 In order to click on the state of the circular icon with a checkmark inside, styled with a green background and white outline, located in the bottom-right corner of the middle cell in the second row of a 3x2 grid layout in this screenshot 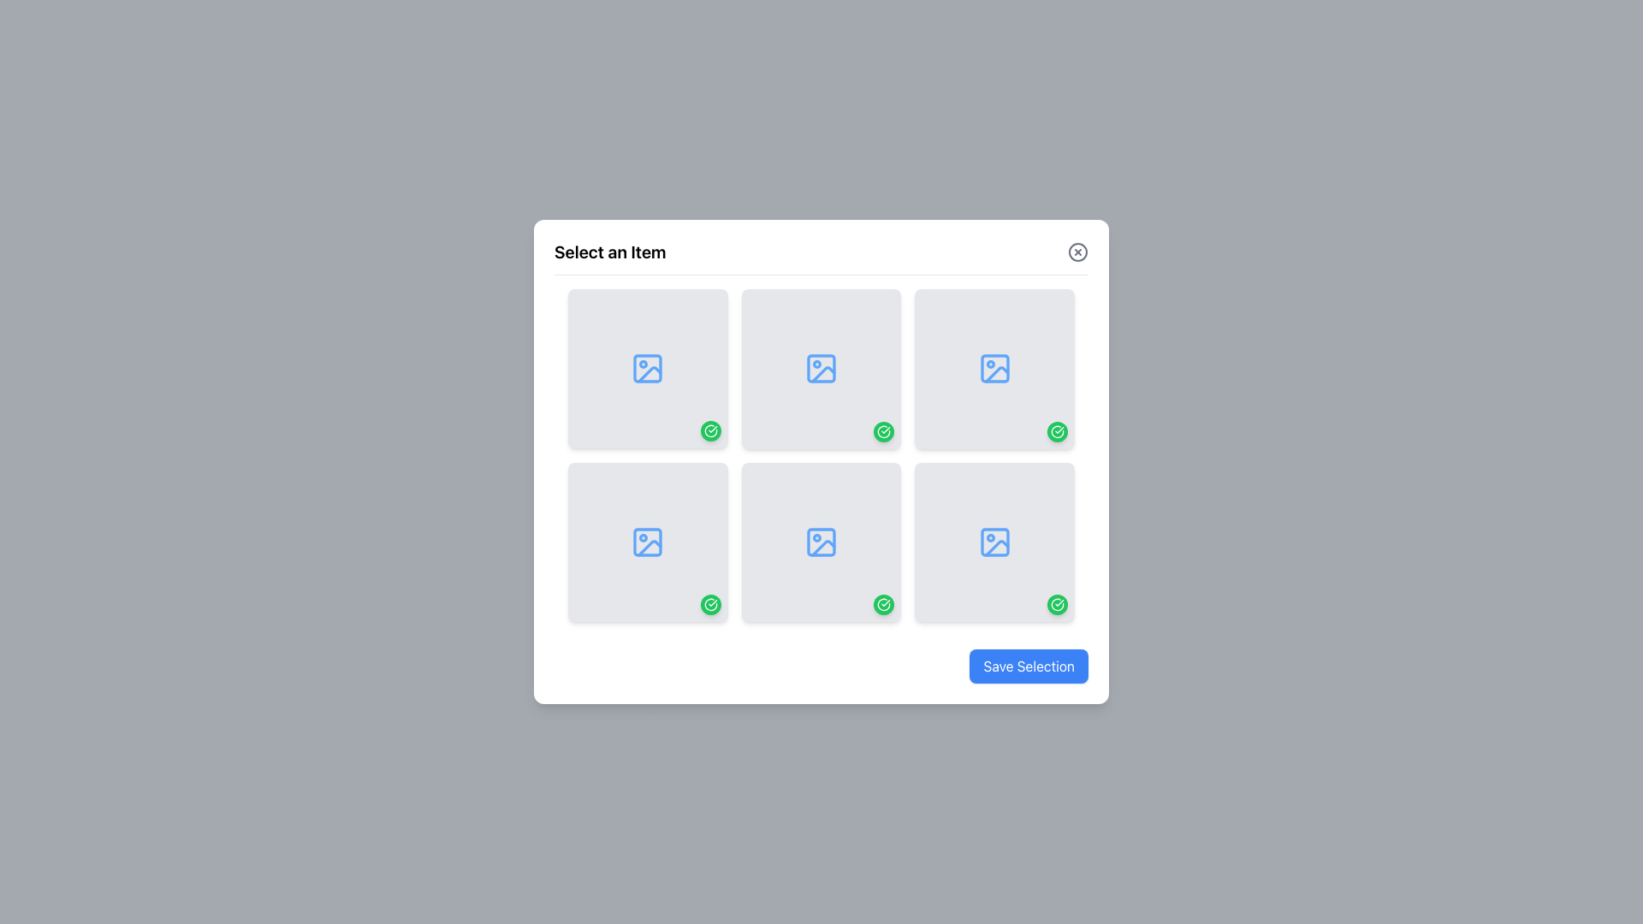, I will do `click(884, 430)`.